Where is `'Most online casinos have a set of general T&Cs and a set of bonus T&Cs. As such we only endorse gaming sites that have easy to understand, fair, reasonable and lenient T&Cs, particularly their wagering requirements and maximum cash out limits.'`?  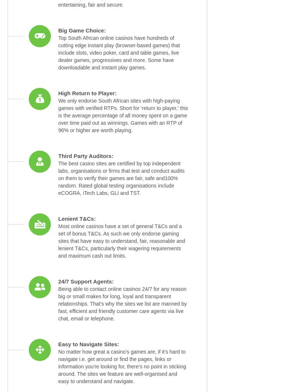
'Most online casinos have a set of general T&Cs and a set of bonus T&Cs. As such we only endorse gaming sites that have easy to understand, fair, reasonable and lenient T&Cs, particularly their wagering requirements and maximum cash out limits.' is located at coordinates (121, 241).